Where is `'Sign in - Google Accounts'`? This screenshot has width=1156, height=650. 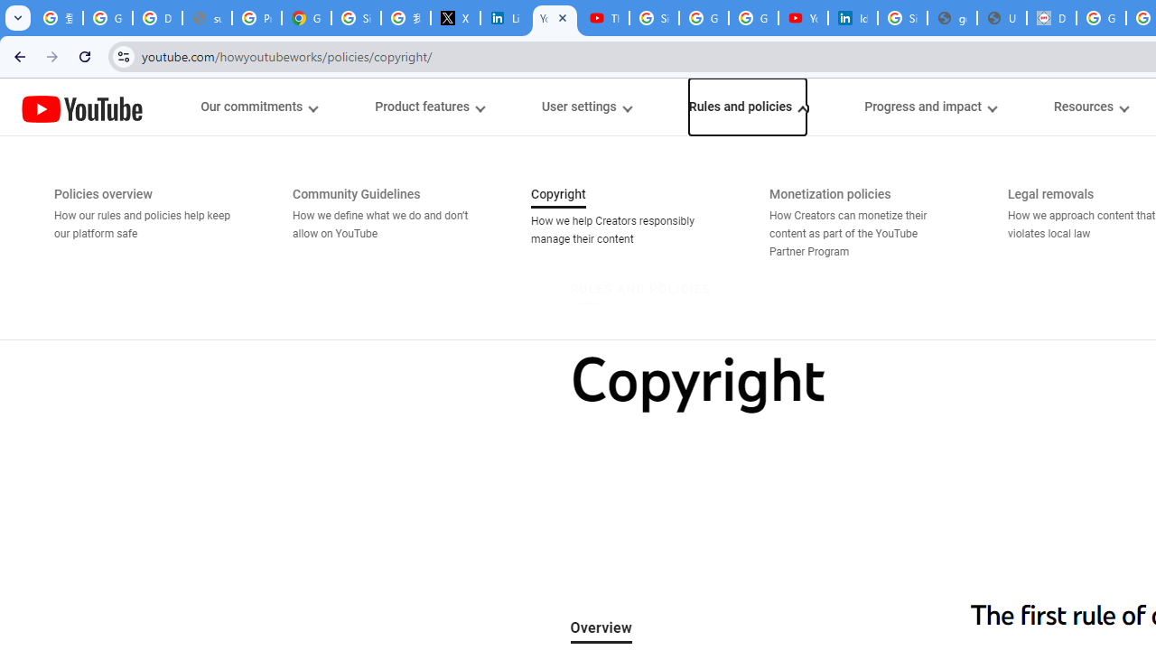
'Sign in - Google Accounts' is located at coordinates (654, 18).